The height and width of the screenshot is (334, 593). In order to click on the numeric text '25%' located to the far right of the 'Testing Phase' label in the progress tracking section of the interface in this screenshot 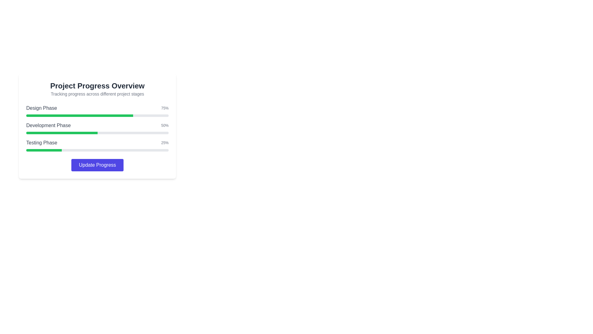, I will do `click(165, 143)`.